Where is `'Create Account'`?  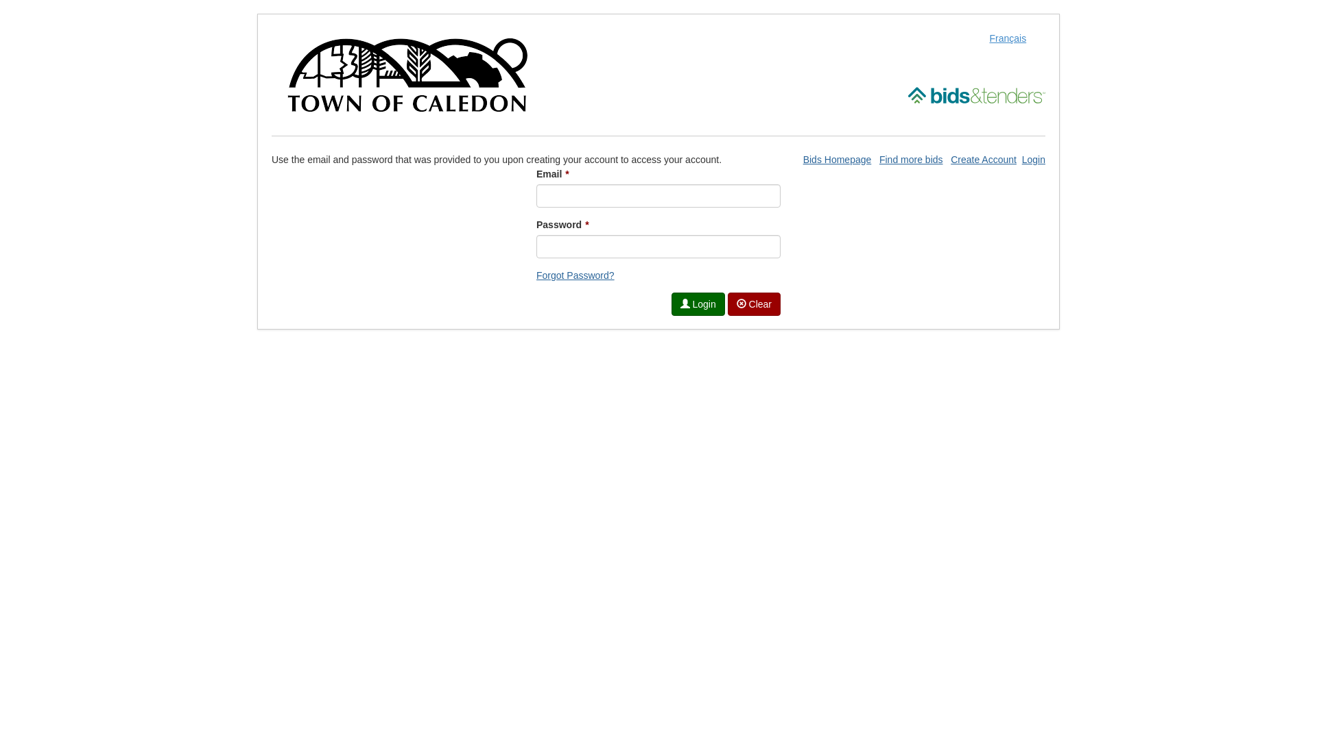
'Create Account' is located at coordinates (983, 158).